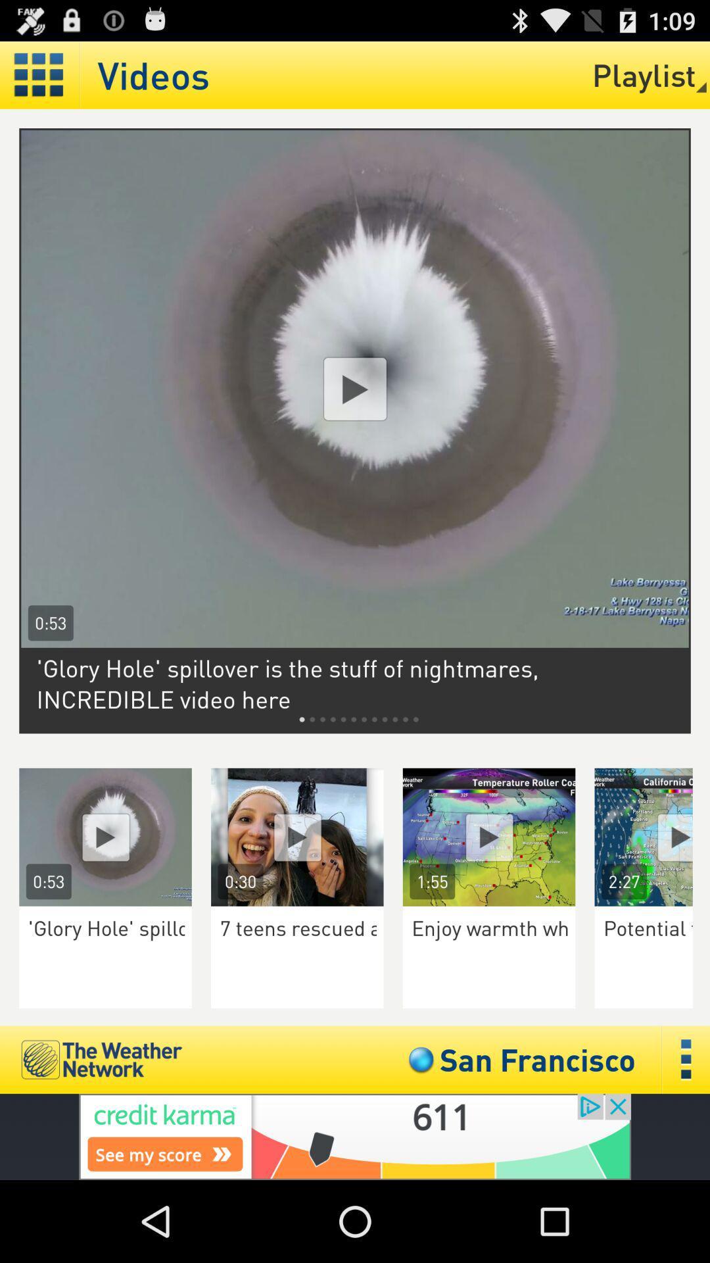 The height and width of the screenshot is (1263, 710). What do you see at coordinates (489, 836) in the screenshot?
I see `video` at bounding box center [489, 836].